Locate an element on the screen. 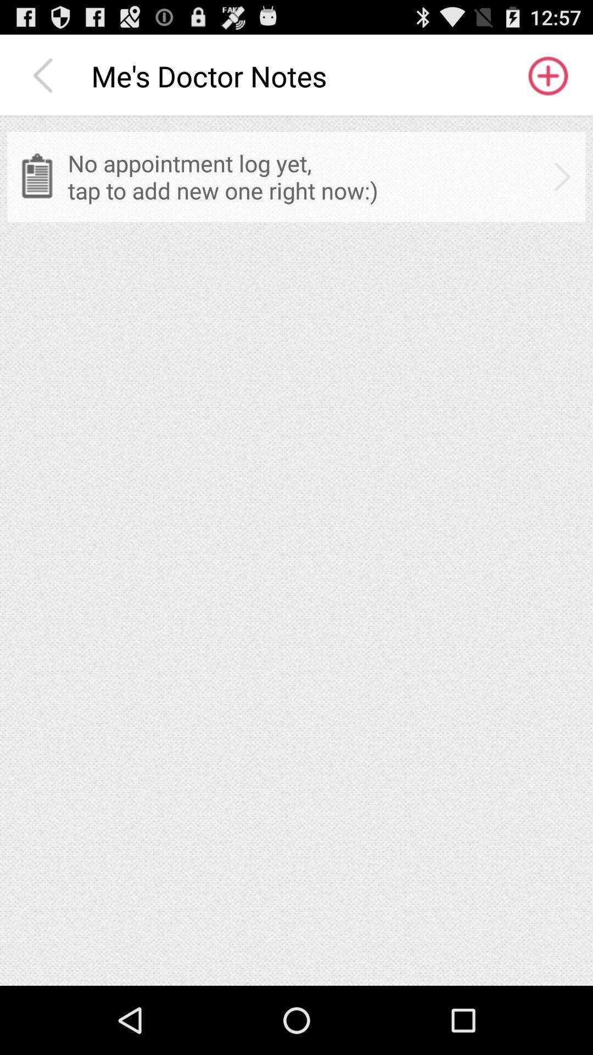 This screenshot has width=593, height=1055. the item to the left of the me s doctor icon is located at coordinates (45, 75).